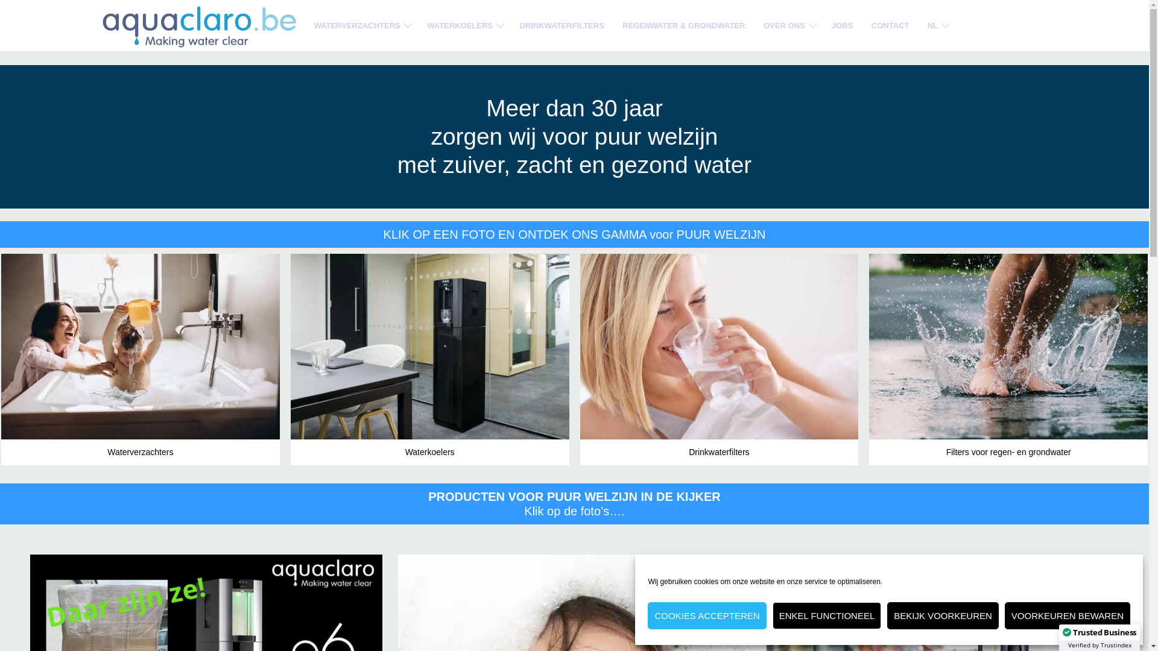 This screenshot has height=651, width=1158. What do you see at coordinates (141, 359) in the screenshot?
I see `'Waterverzachters'` at bounding box center [141, 359].